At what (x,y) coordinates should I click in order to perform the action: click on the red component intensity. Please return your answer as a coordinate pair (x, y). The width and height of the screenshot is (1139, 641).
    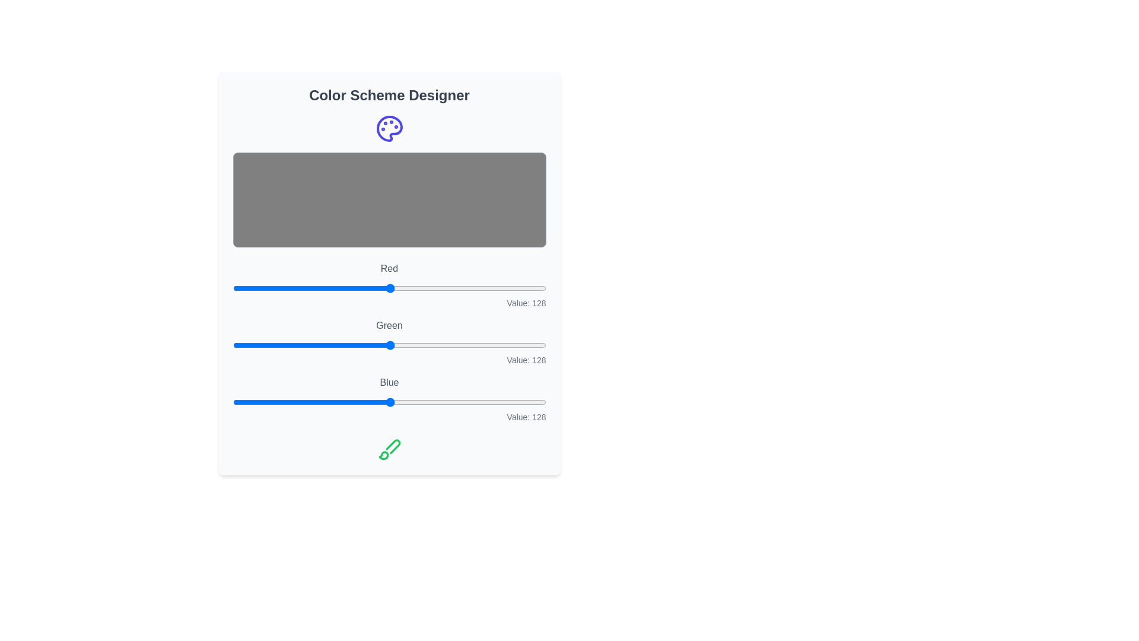
    Looking at the image, I should click on (425, 288).